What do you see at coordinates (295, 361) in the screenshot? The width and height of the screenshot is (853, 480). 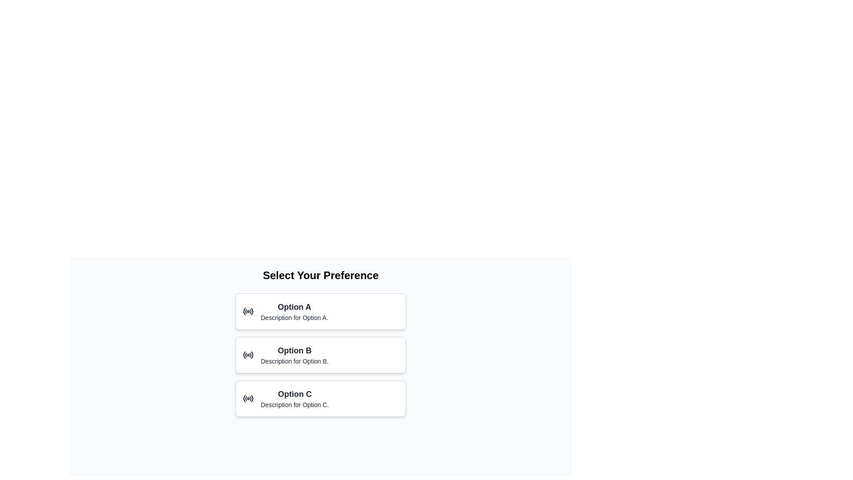 I see `the static text element that reads 'Description for Option B.' located below the title 'Option B' in the 'Select Your Preference' interface` at bounding box center [295, 361].